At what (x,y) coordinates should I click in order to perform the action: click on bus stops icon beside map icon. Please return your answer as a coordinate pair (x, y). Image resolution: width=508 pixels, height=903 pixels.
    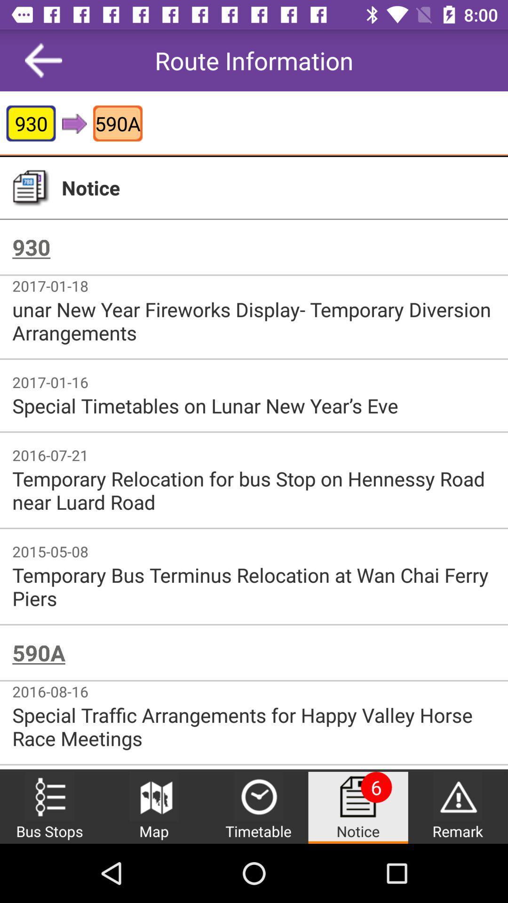
    Looking at the image, I should click on (49, 796).